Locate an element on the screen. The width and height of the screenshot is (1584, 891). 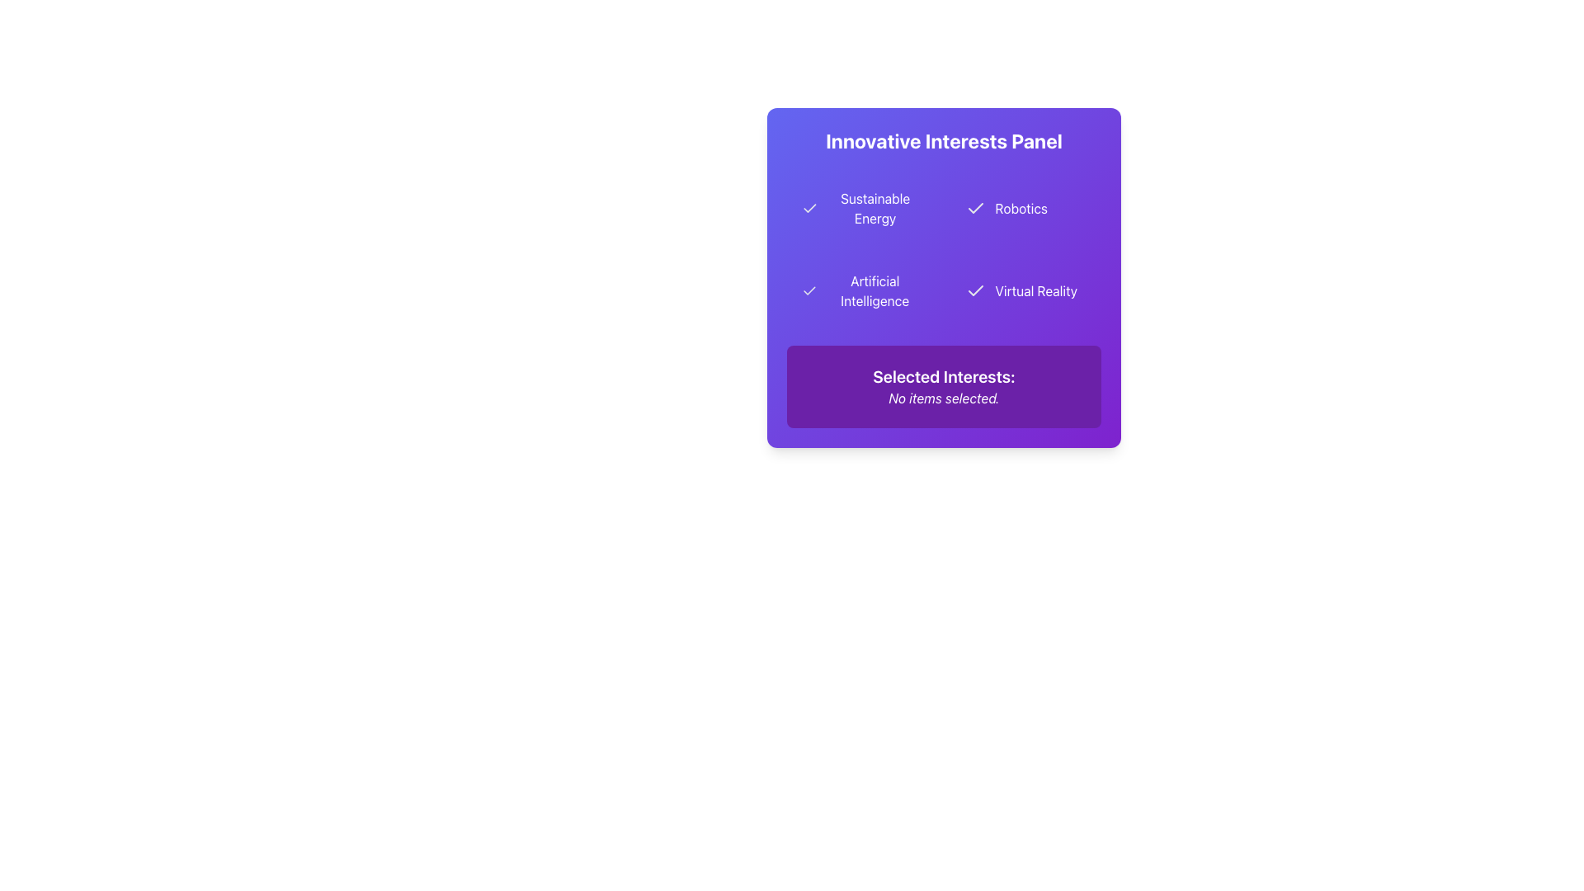
the checkmark icon that indicates the selection status of the 'Virtual Reality' option, located in the bottom-right quadrant of the purple gradient panel is located at coordinates (975, 290).